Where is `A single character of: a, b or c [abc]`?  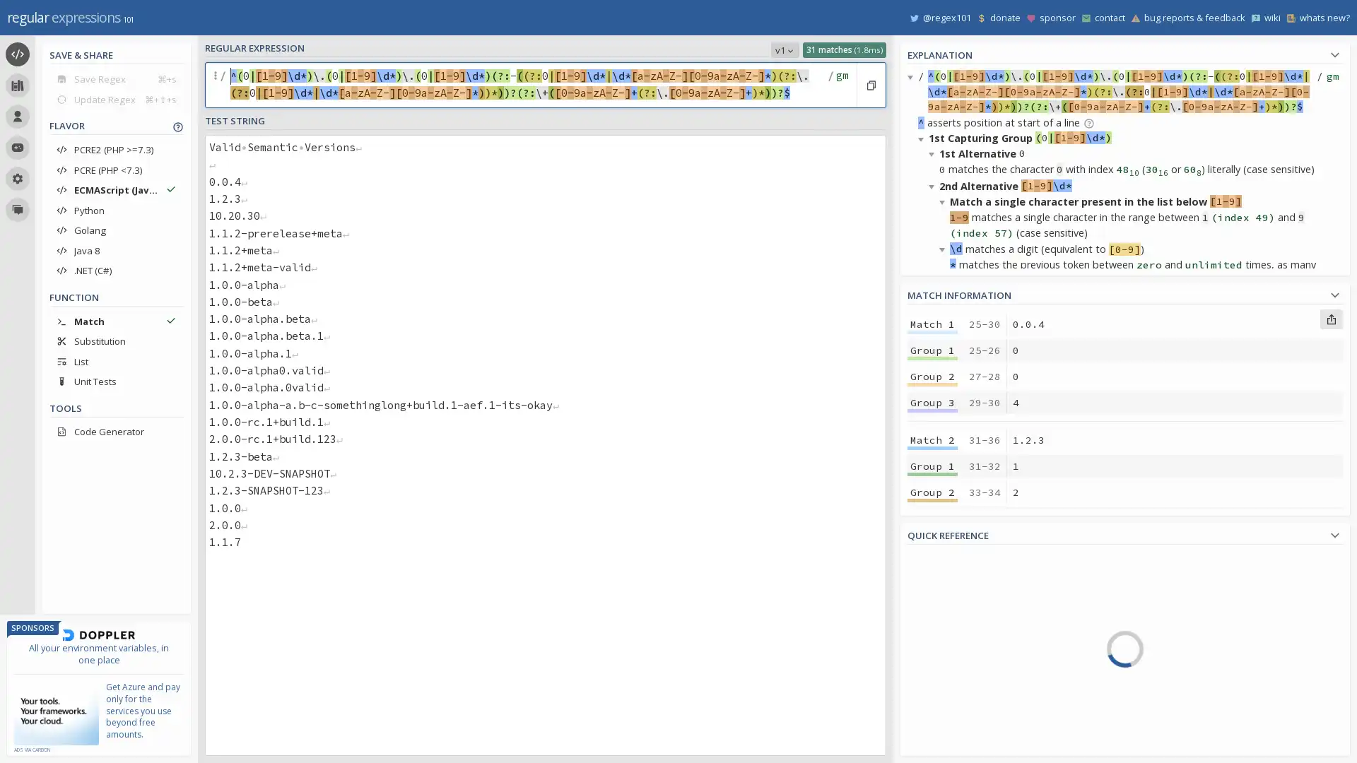
A single character of: a, b or c [abc] is located at coordinates (1195, 558).